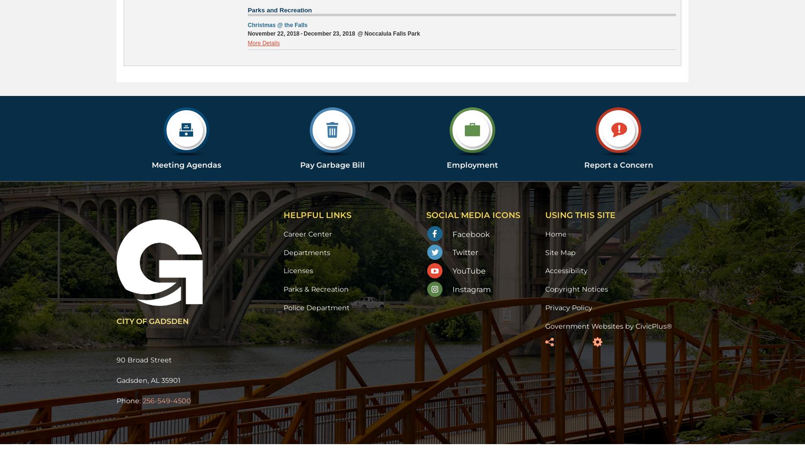 This screenshot has height=475, width=805. What do you see at coordinates (150, 164) in the screenshot?
I see `'Meeting Agendas'` at bounding box center [150, 164].